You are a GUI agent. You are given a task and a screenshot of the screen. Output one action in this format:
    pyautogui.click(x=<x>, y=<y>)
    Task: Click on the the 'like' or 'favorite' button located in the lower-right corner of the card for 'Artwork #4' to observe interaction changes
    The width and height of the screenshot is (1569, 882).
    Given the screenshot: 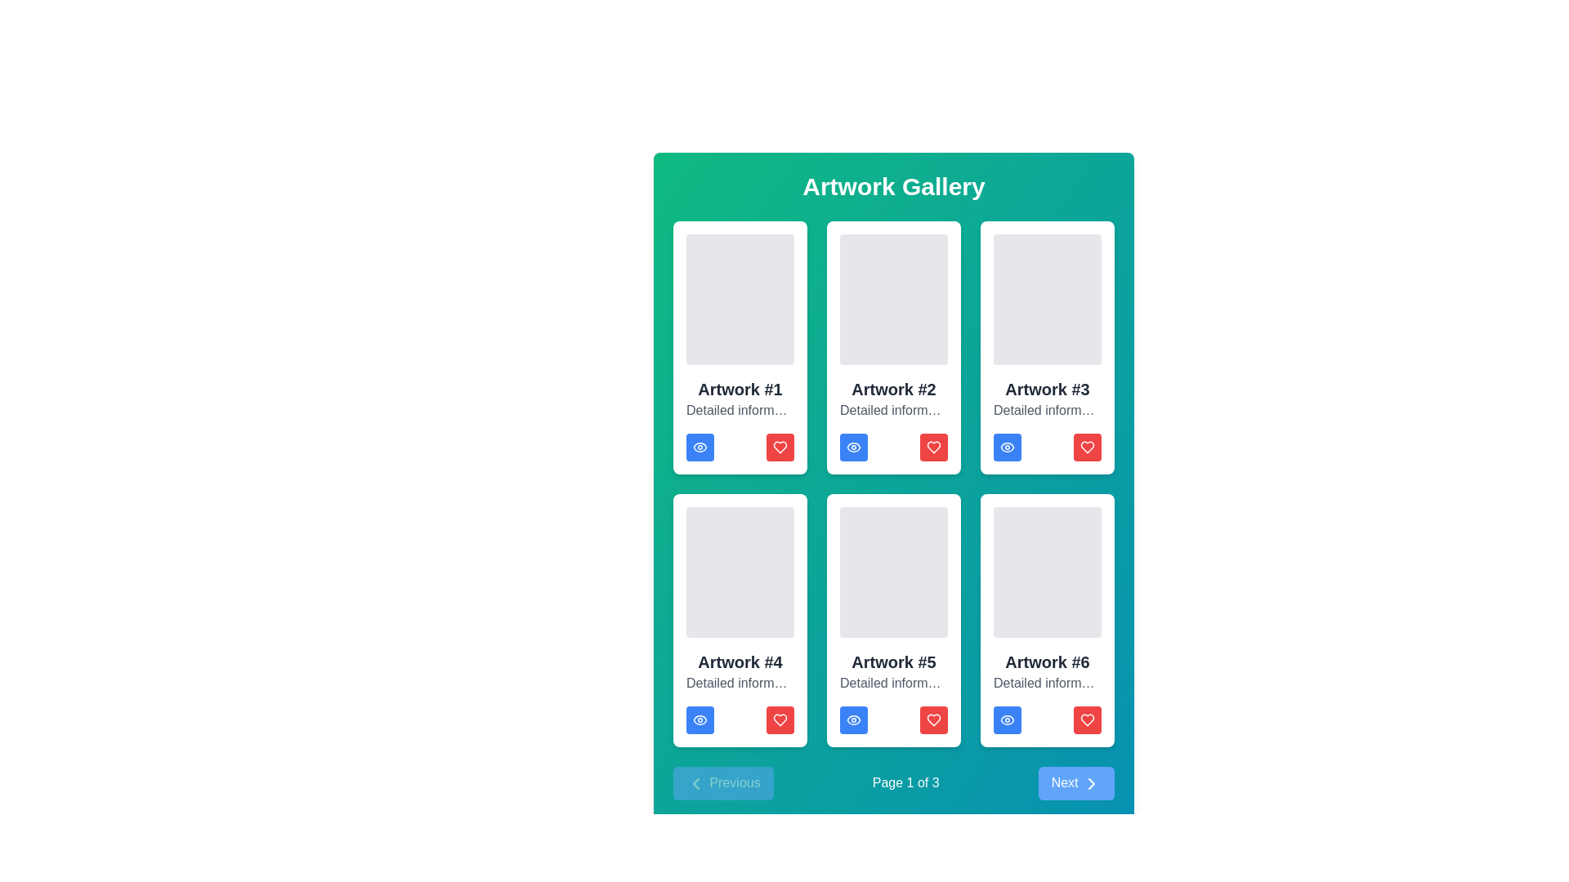 What is the action you would take?
    pyautogui.click(x=780, y=719)
    